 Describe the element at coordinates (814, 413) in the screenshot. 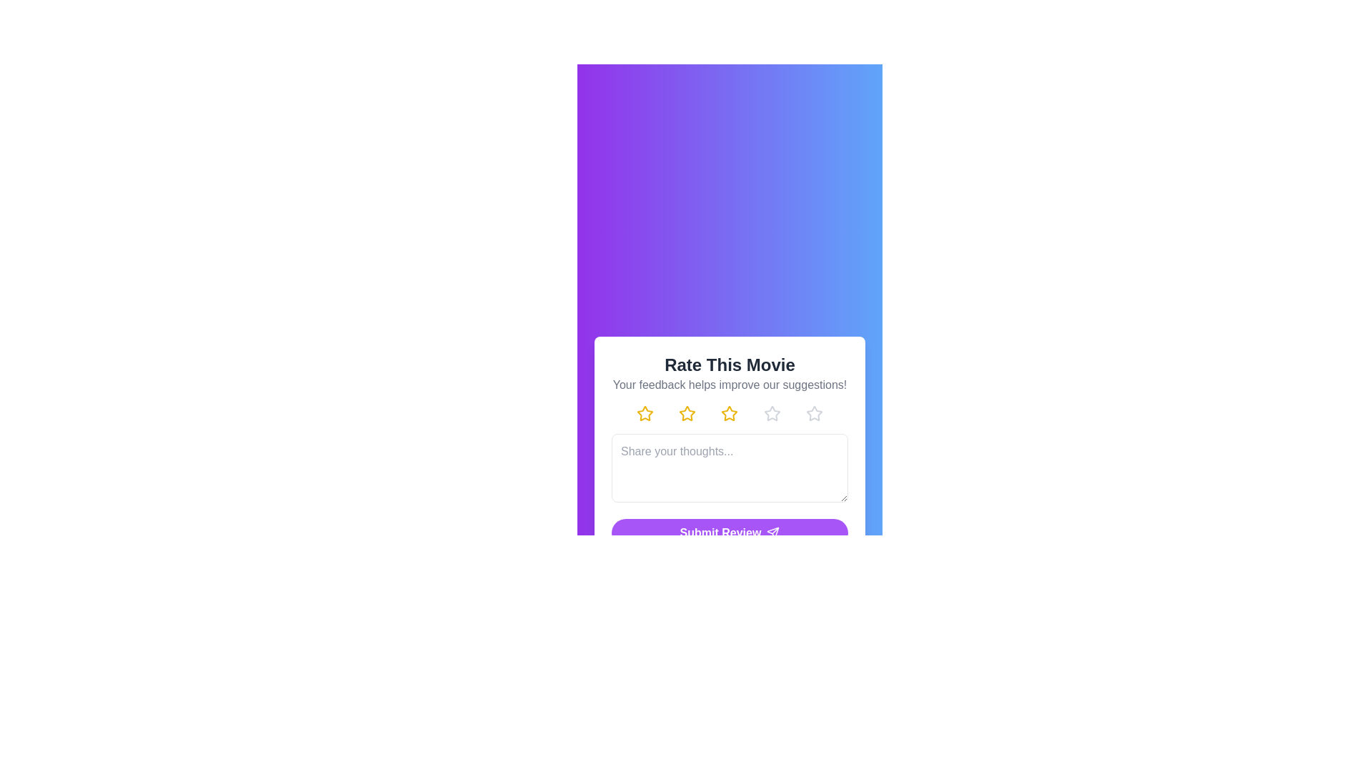

I see `the fifth star rating icon, which is gray and hollow in appearance, located at the right end of a row of five icons above a text input field` at that location.